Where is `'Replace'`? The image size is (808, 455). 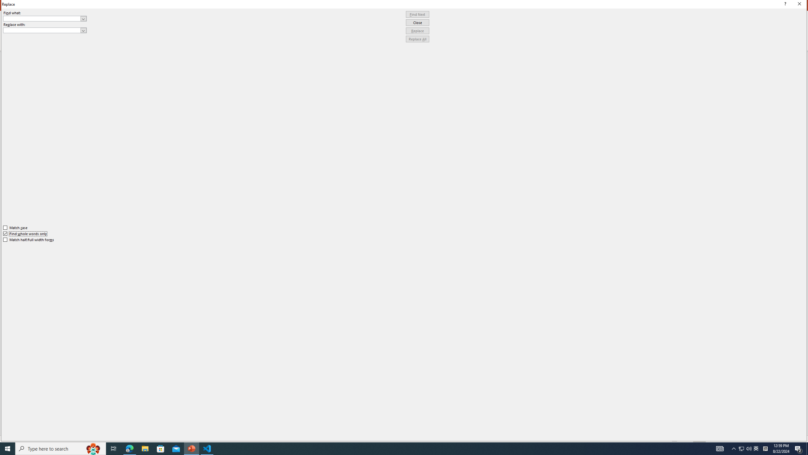 'Replace' is located at coordinates (417, 30).